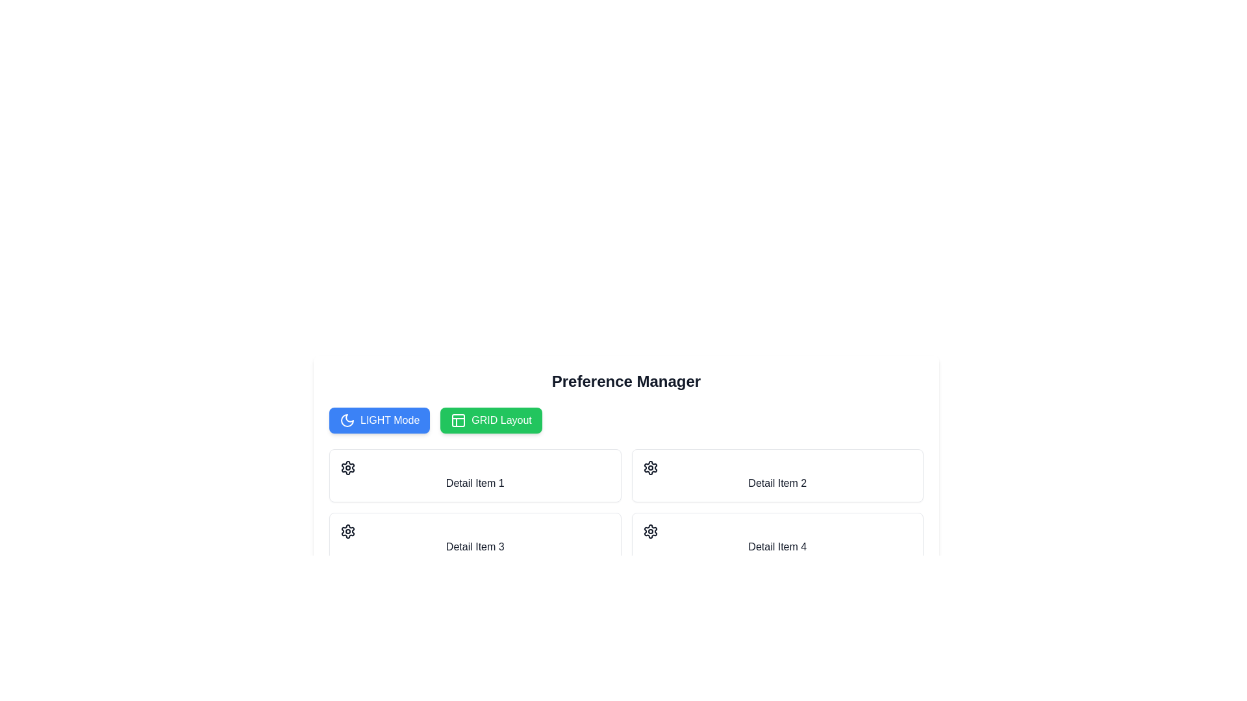 This screenshot has height=701, width=1247. I want to click on the settings icon located at the top-left corner of the 'Detail Item 1' card, which serves as a button, so click(348, 468).